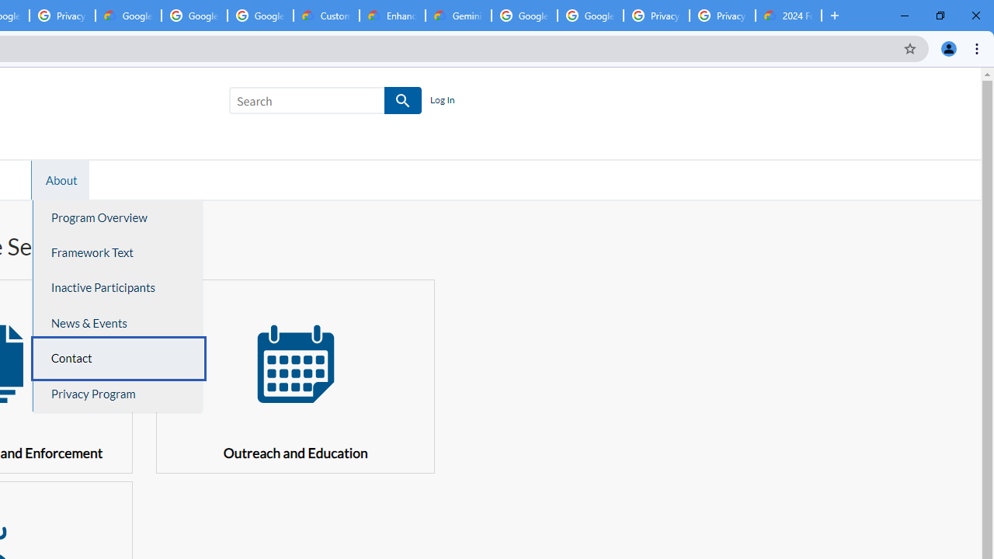 The height and width of the screenshot is (559, 994). I want to click on 'Privacy Program', so click(117, 393).